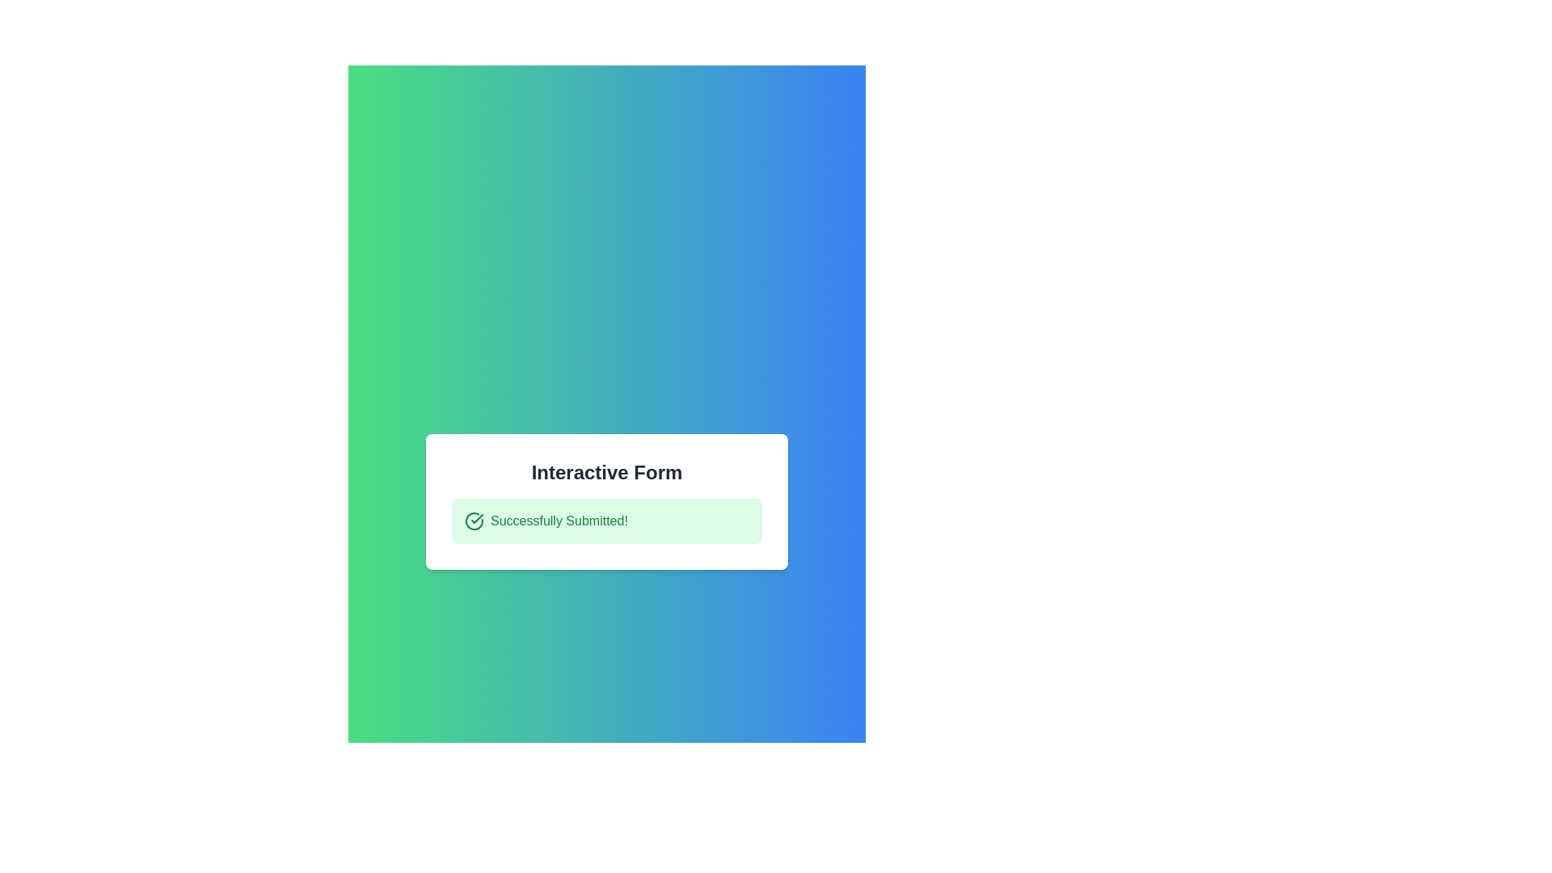 This screenshot has width=1552, height=873. What do you see at coordinates (473, 521) in the screenshot?
I see `the circular icon with a check mark, which is visually styled with a green stroke and located next to the text 'Successfully Submitted!' in a green notification box` at bounding box center [473, 521].